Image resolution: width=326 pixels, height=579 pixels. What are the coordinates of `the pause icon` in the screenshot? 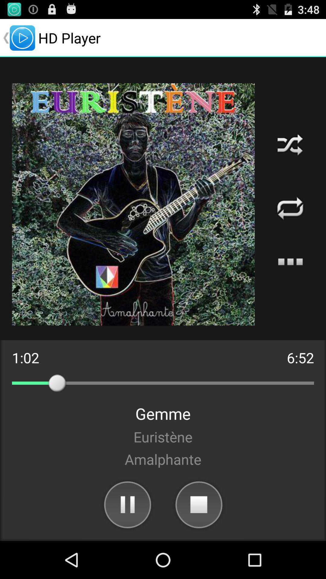 It's located at (127, 540).